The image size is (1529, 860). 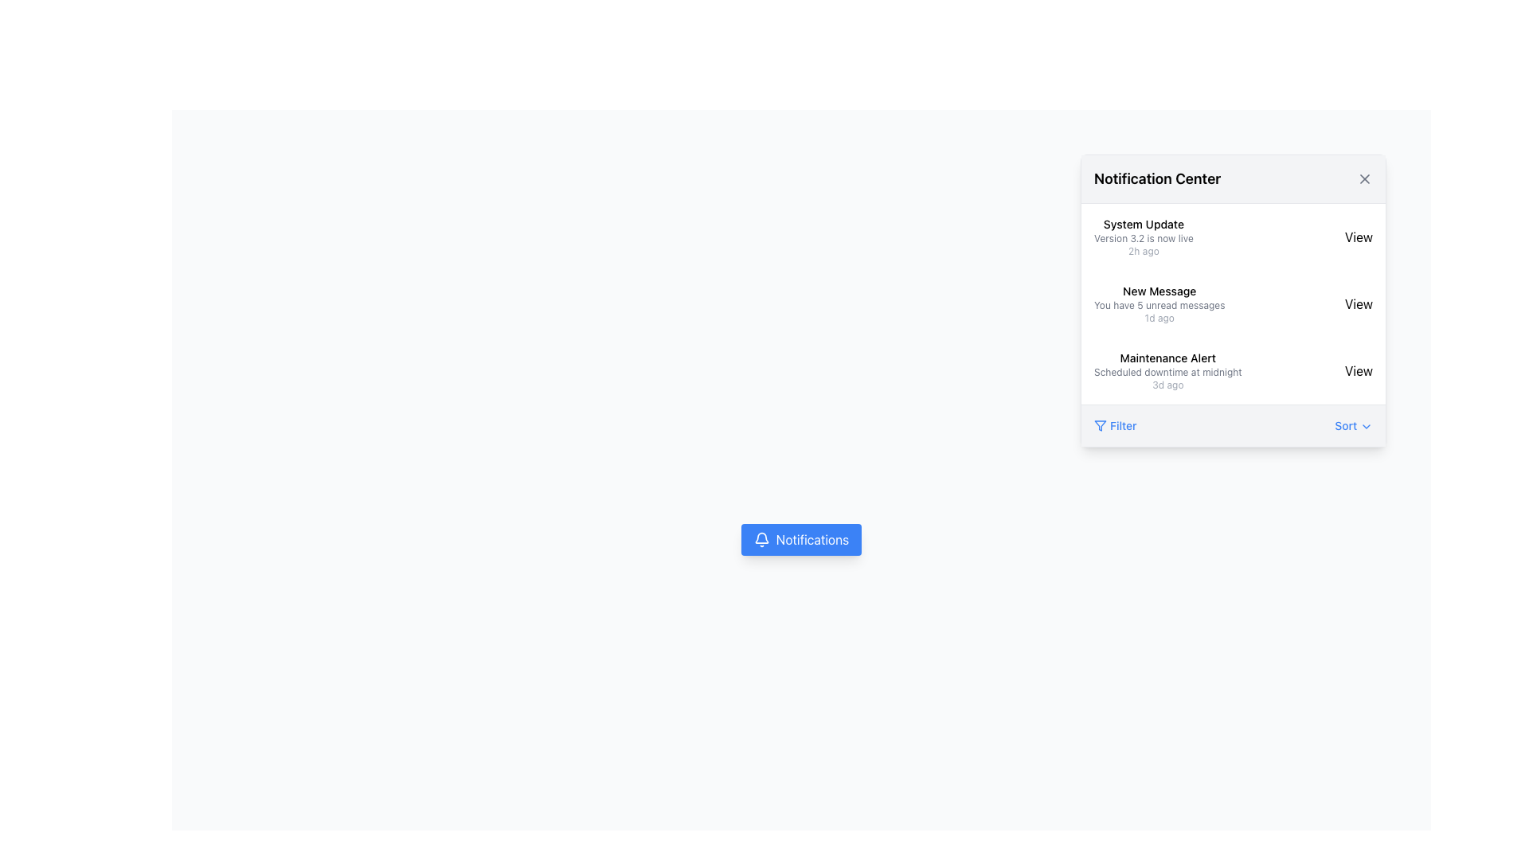 What do you see at coordinates (1159, 319) in the screenshot?
I see `the label displaying '1d ago', which is small gray text located at the bottom of the notification item for 'New Message'` at bounding box center [1159, 319].